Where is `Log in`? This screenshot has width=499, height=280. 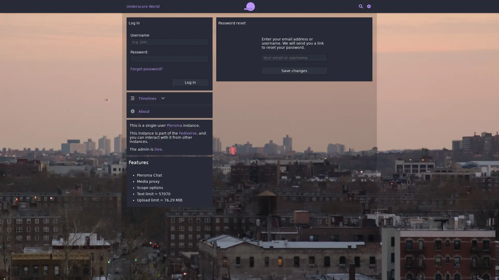 Log in is located at coordinates (190, 82).